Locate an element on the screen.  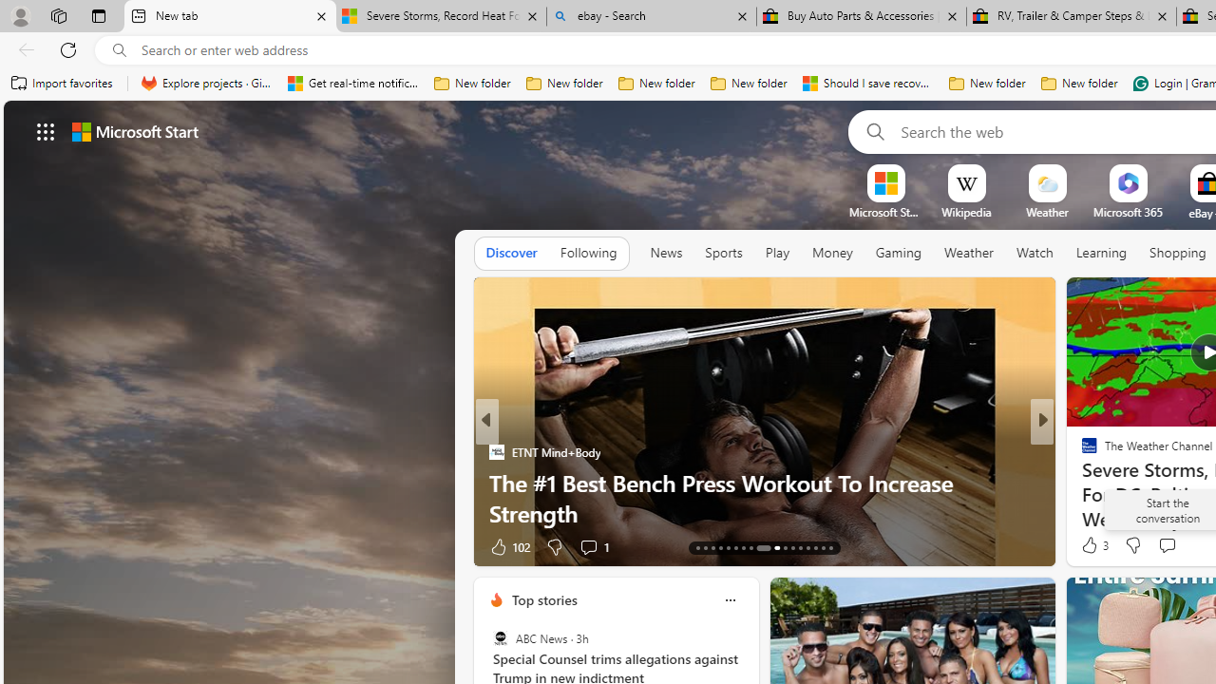
'AutomationID: tab-29' is located at coordinates (830, 548).